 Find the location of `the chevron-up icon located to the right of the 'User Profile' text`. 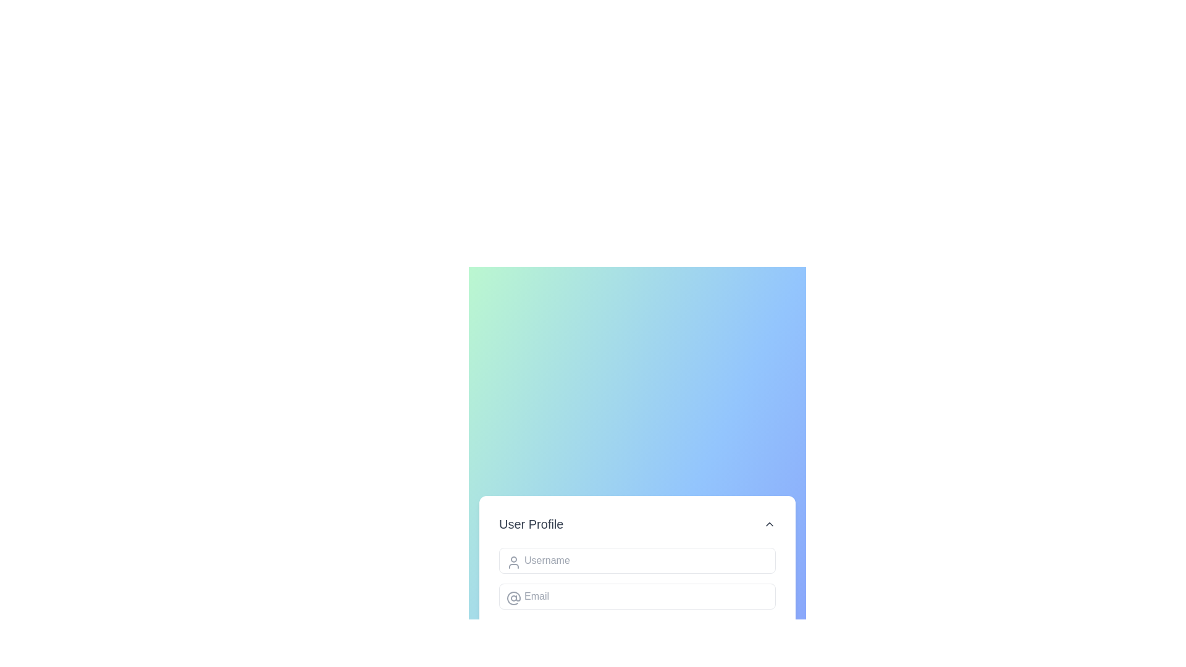

the chevron-up icon located to the right of the 'User Profile' text is located at coordinates (769, 524).